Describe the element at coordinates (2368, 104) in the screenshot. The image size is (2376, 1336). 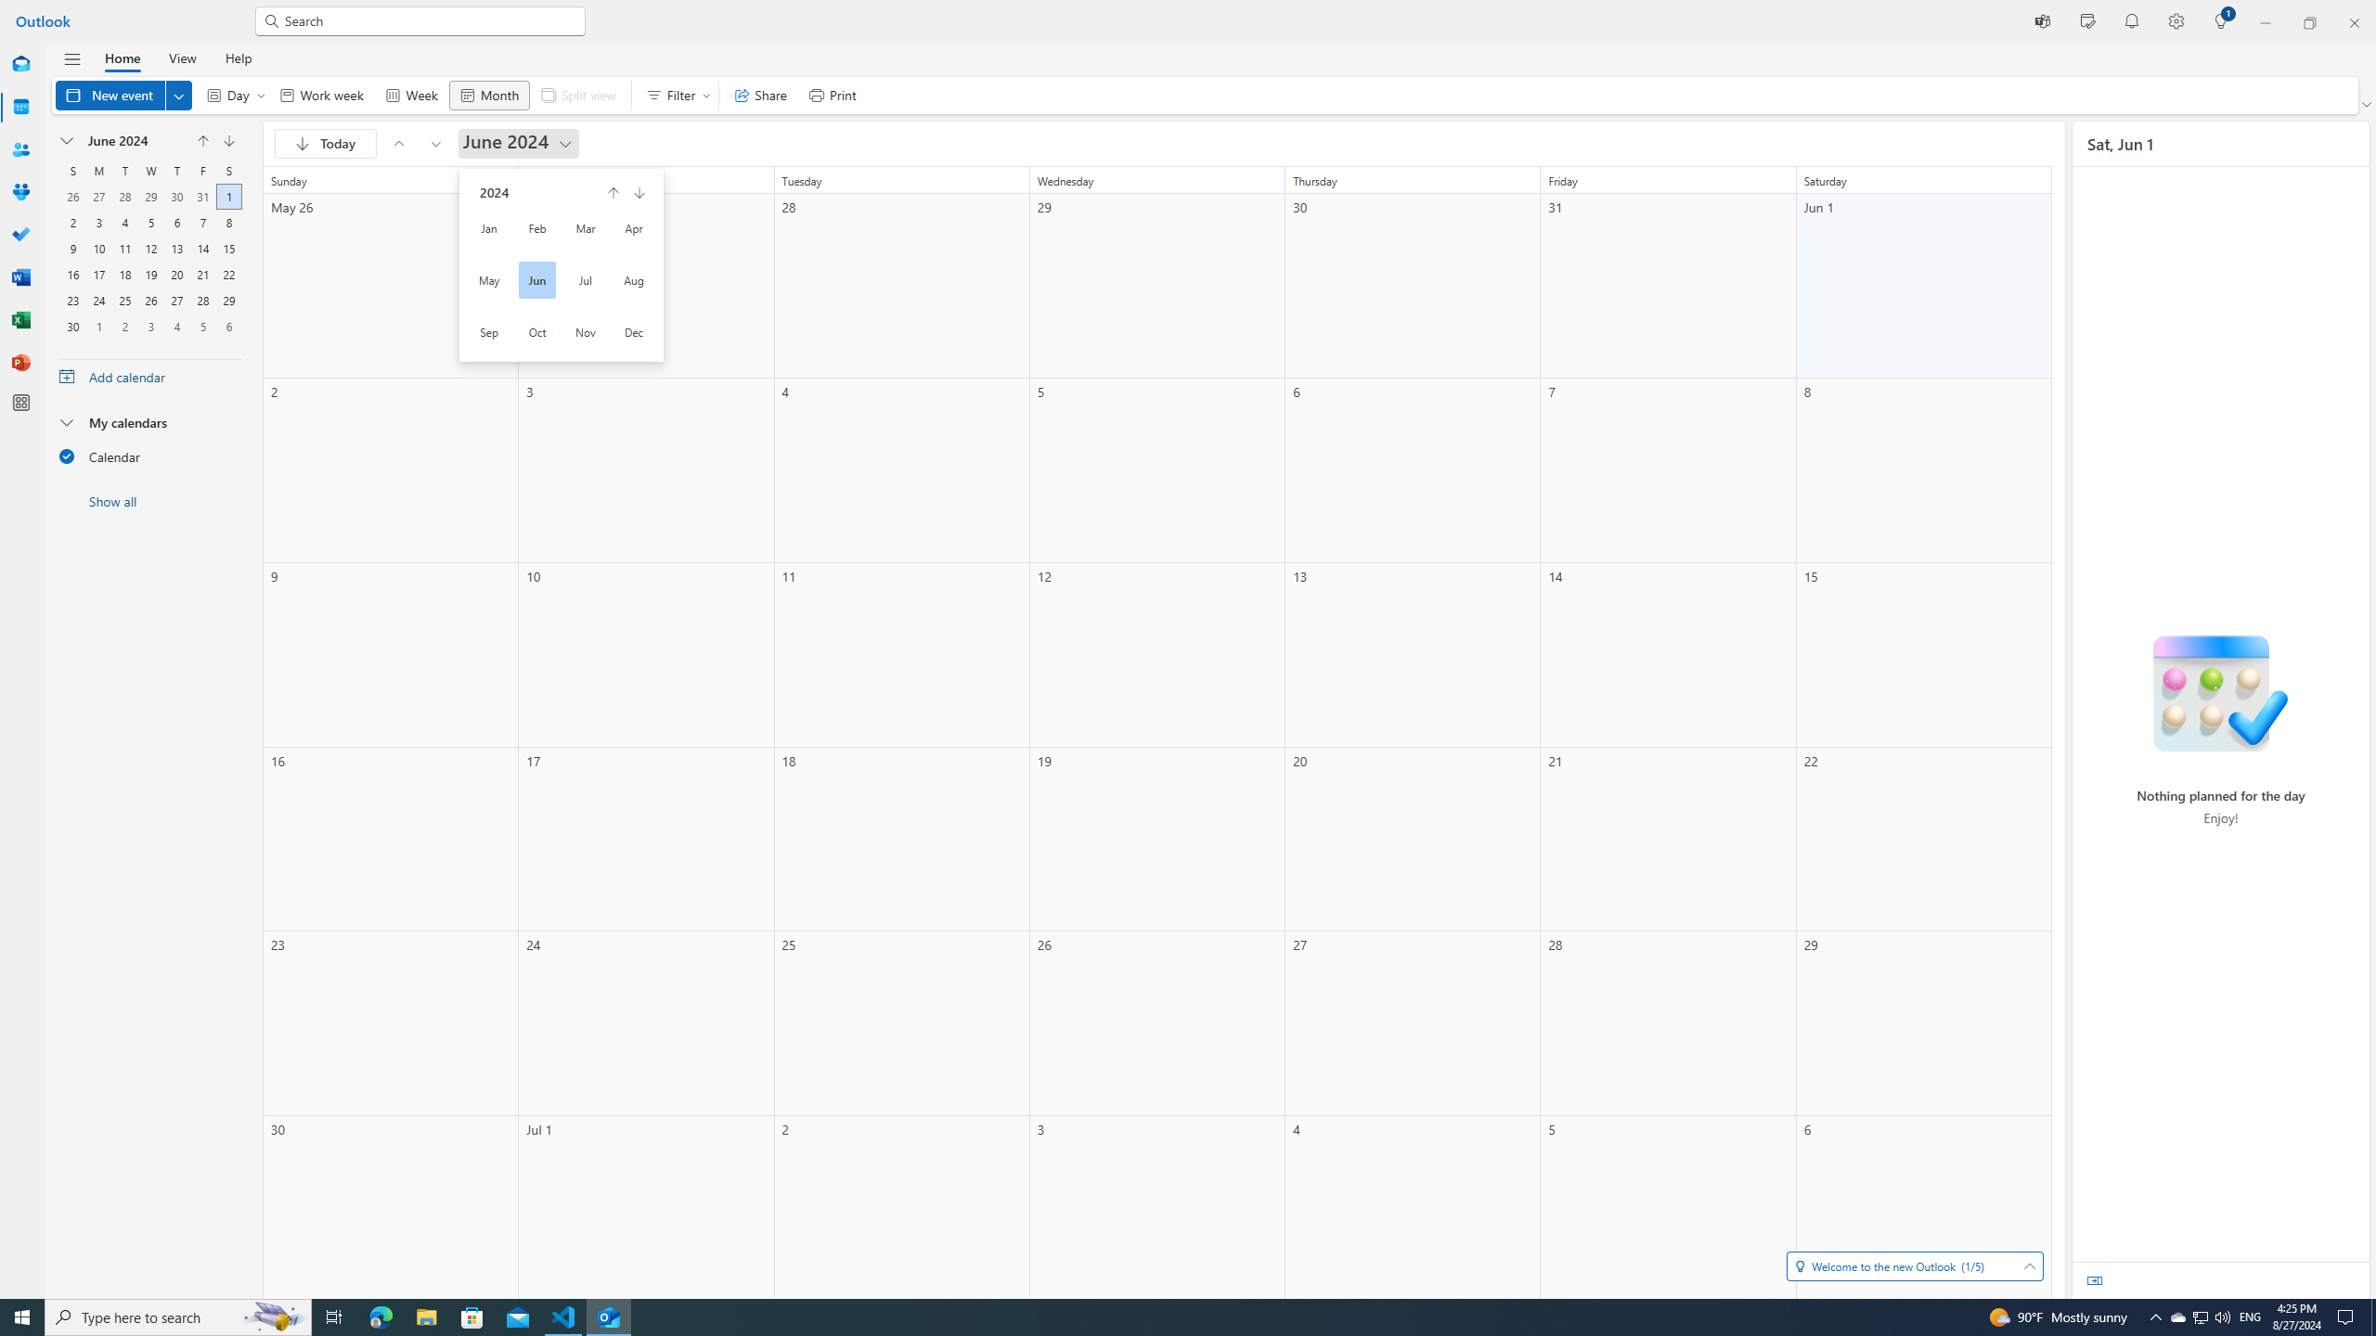
I see `'Ribbon display options'` at that location.